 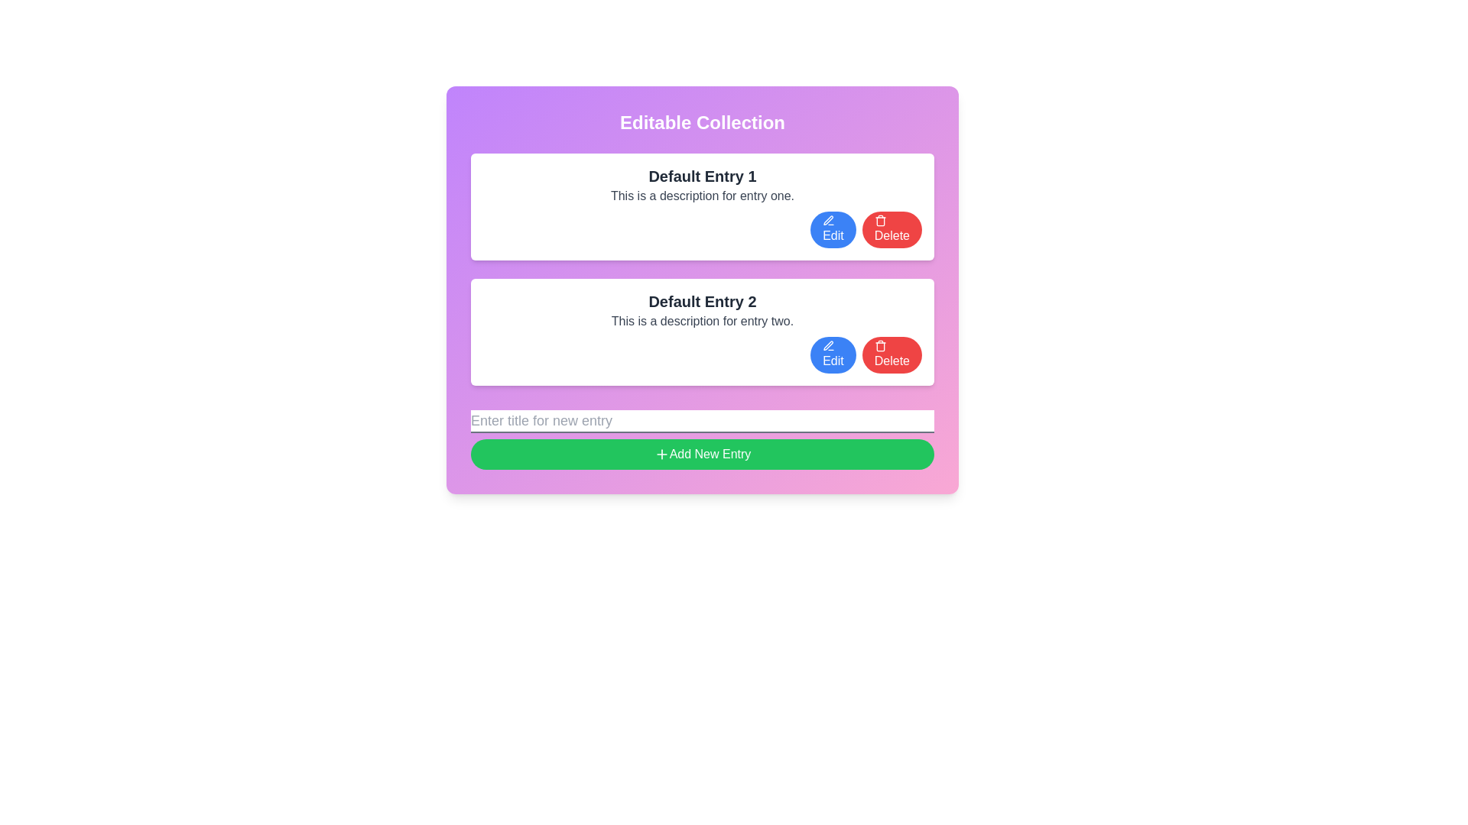 What do you see at coordinates (701, 439) in the screenshot?
I see `the 'Add New Entry' button` at bounding box center [701, 439].